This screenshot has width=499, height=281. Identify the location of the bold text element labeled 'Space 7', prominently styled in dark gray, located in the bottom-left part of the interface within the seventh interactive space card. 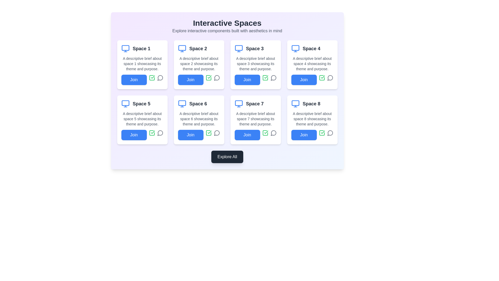
(255, 104).